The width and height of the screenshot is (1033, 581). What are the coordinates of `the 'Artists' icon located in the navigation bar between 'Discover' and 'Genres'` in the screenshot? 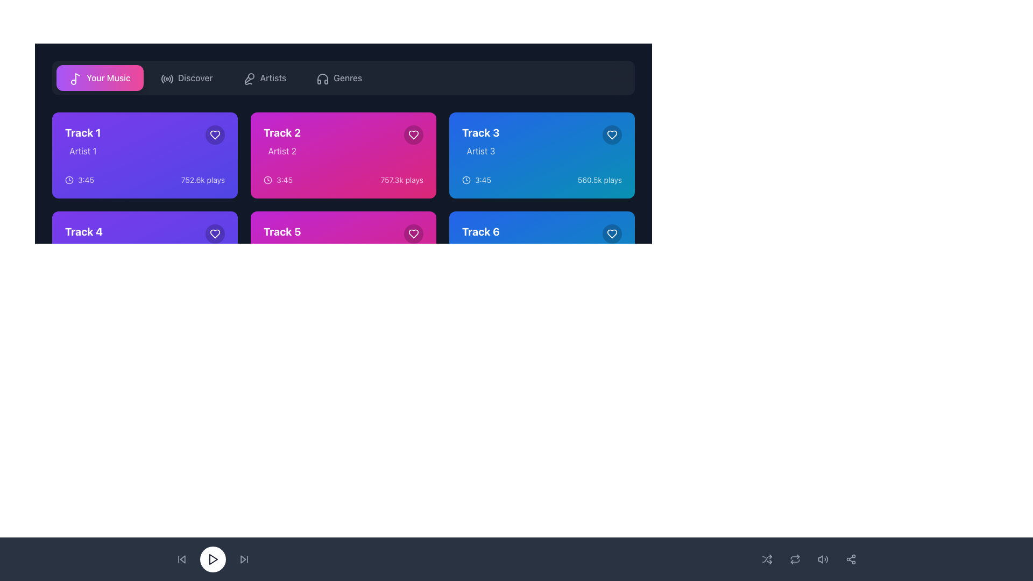 It's located at (247, 77).